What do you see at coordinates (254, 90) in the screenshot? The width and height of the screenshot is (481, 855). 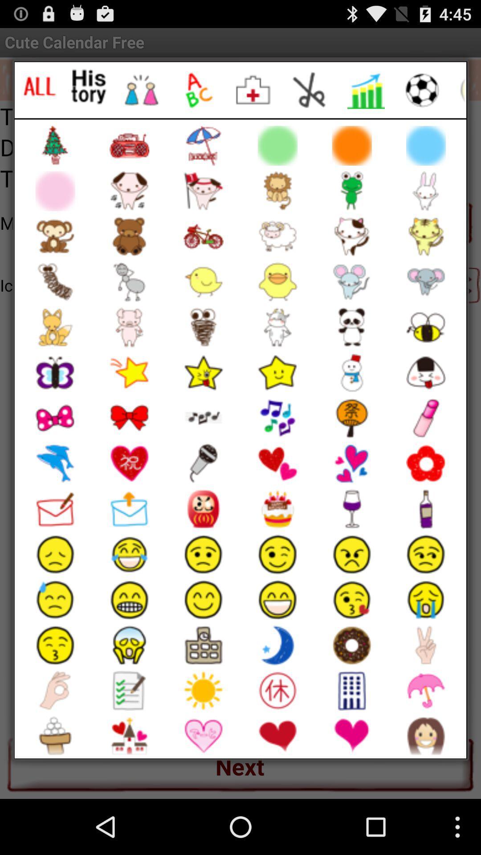 I see `emoji option` at bounding box center [254, 90].